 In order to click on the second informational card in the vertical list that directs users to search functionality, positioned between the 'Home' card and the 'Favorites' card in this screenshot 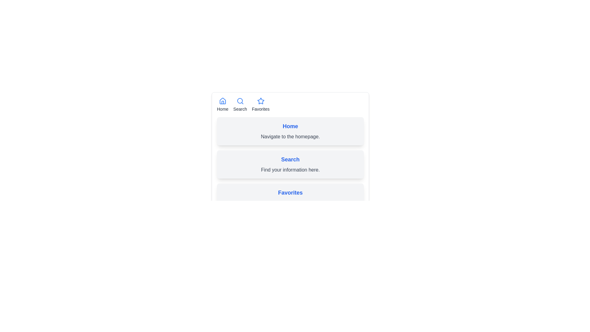, I will do `click(290, 164)`.